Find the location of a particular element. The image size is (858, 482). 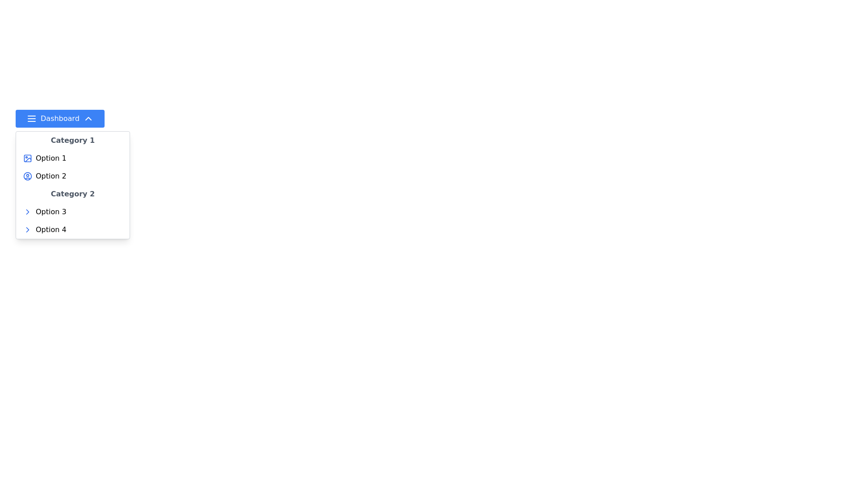

the chevron icon located to the right of the 'Dashboard' text, which serves as a toggle for the menu visibility is located at coordinates (88, 118).